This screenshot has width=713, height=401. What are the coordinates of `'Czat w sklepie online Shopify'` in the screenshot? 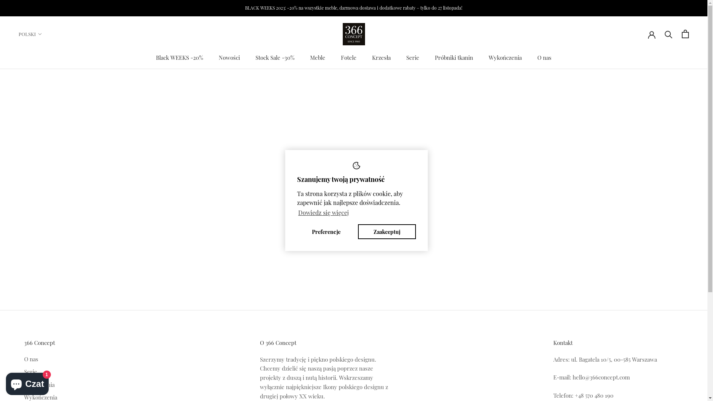 It's located at (27, 382).